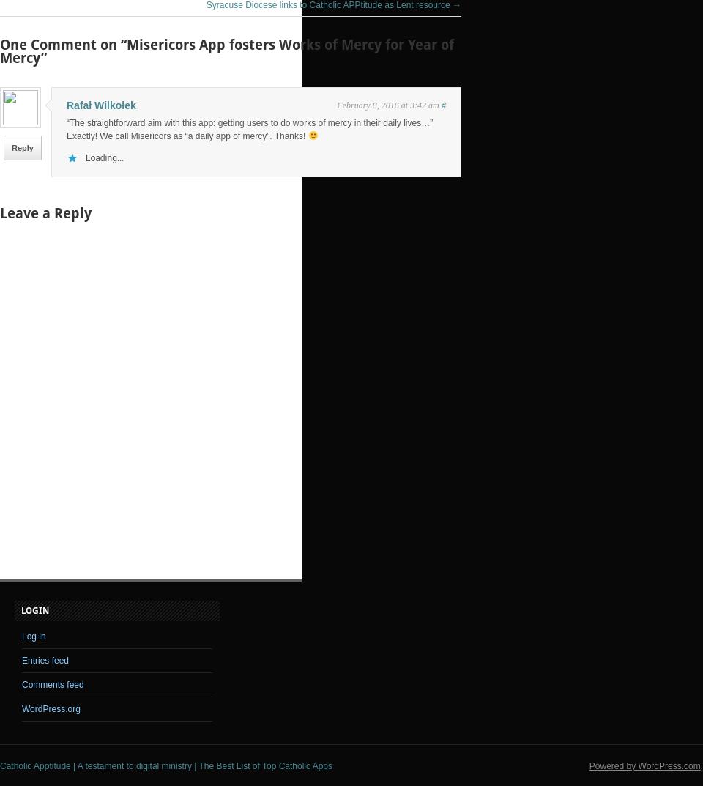 This screenshot has height=786, width=703. What do you see at coordinates (226, 51) in the screenshot?
I see `'One Comment on “Misericors App fosters Works of Mercy for Year of Mercy”'` at bounding box center [226, 51].